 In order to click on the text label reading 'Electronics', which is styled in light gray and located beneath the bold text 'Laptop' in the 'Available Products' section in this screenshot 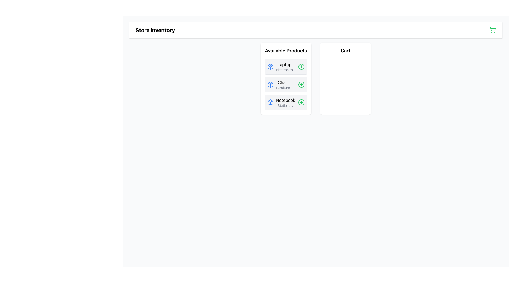, I will do `click(284, 69)`.